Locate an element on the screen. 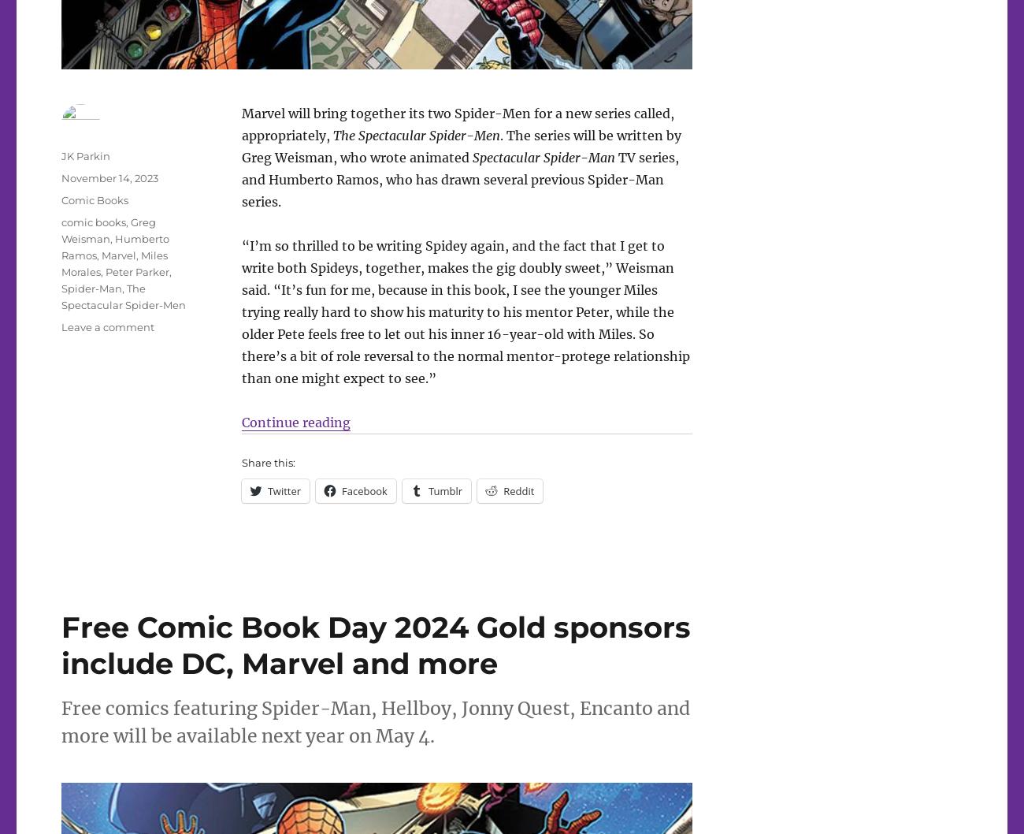 The width and height of the screenshot is (1024, 834). 'JK Parkin' is located at coordinates (61, 155).